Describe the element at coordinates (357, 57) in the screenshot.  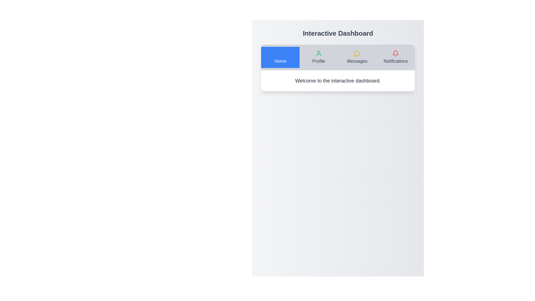
I see `the 'Messages' navigation tab, which is the third tab in the horizontal navigation bar` at that location.